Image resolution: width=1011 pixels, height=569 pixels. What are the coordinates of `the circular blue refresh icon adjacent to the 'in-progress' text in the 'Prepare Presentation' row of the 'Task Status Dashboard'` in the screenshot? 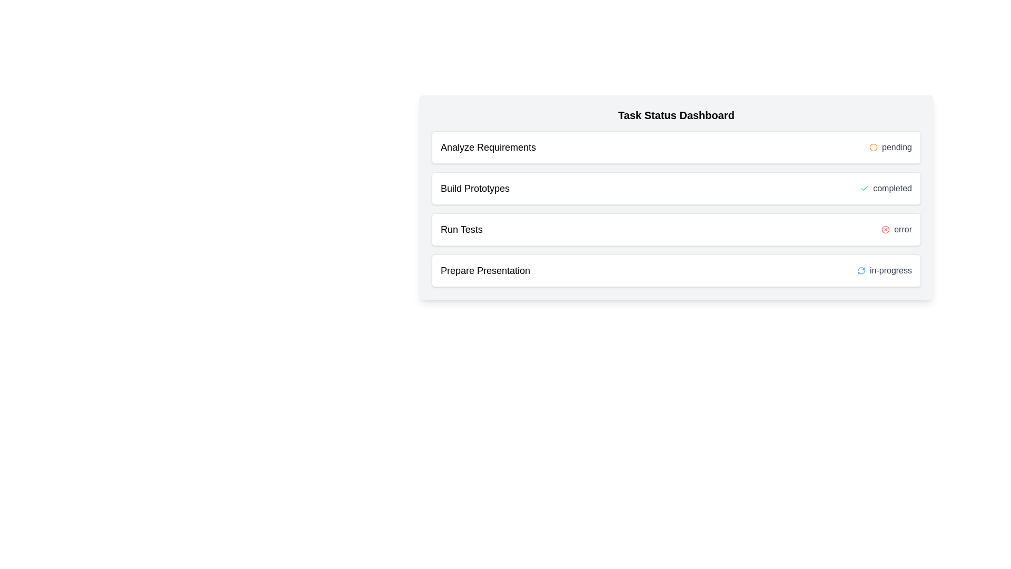 It's located at (861, 270).